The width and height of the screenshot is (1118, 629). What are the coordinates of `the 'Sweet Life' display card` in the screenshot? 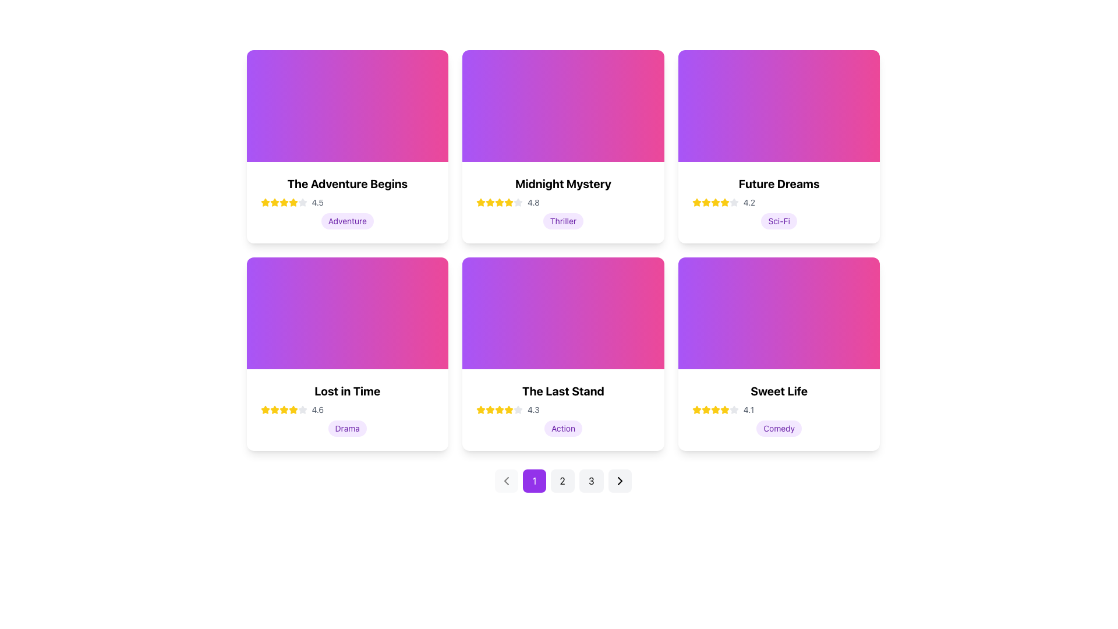 It's located at (779, 354).